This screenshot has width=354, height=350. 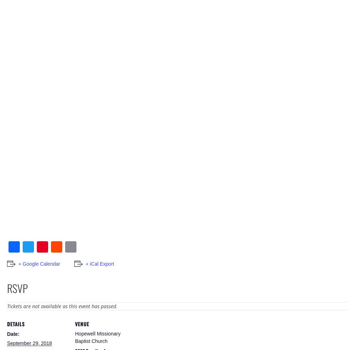 What do you see at coordinates (76, 258) in the screenshot?
I see `'Email'` at bounding box center [76, 258].